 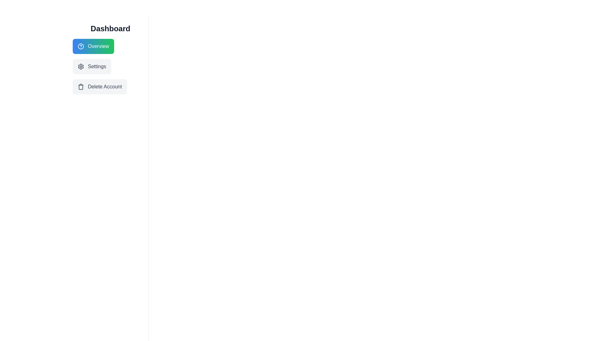 I want to click on the Header text element at the top-left corner of the side navigation panel, which serves as the title for the navigation context, so click(x=110, y=29).